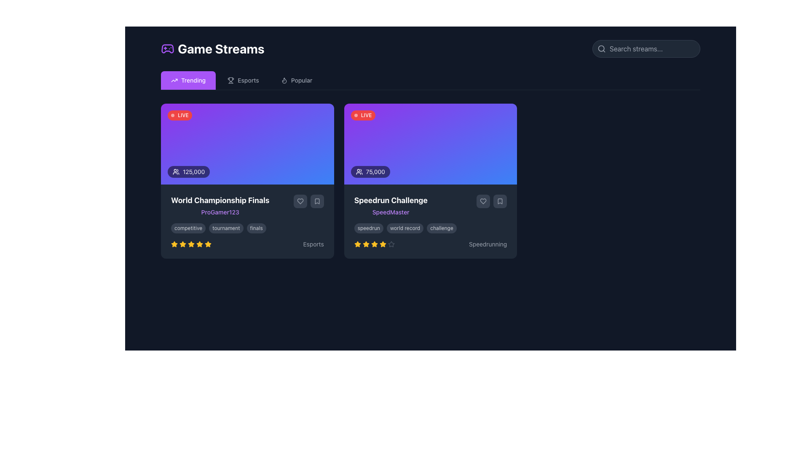 This screenshot has width=809, height=455. I want to click on the first yellow star icon used for rating in the 'World Championship Finals' card, so click(174, 244).